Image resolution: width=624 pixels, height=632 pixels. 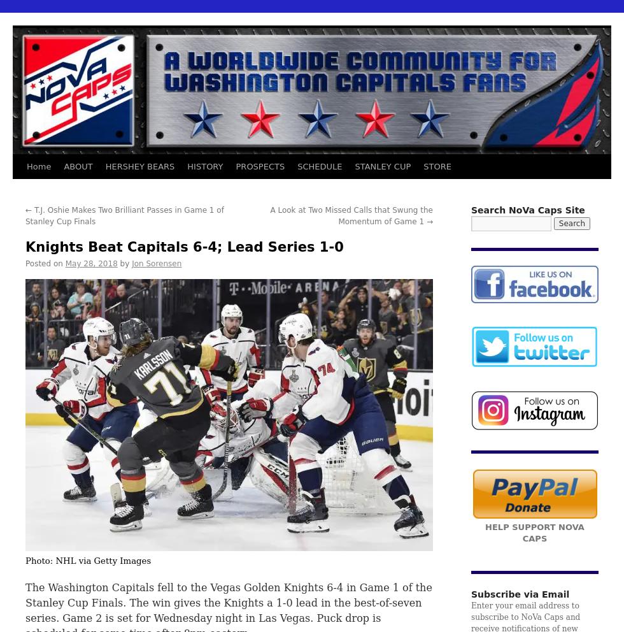 What do you see at coordinates (131, 263) in the screenshot?
I see `'Jon Sorensen'` at bounding box center [131, 263].